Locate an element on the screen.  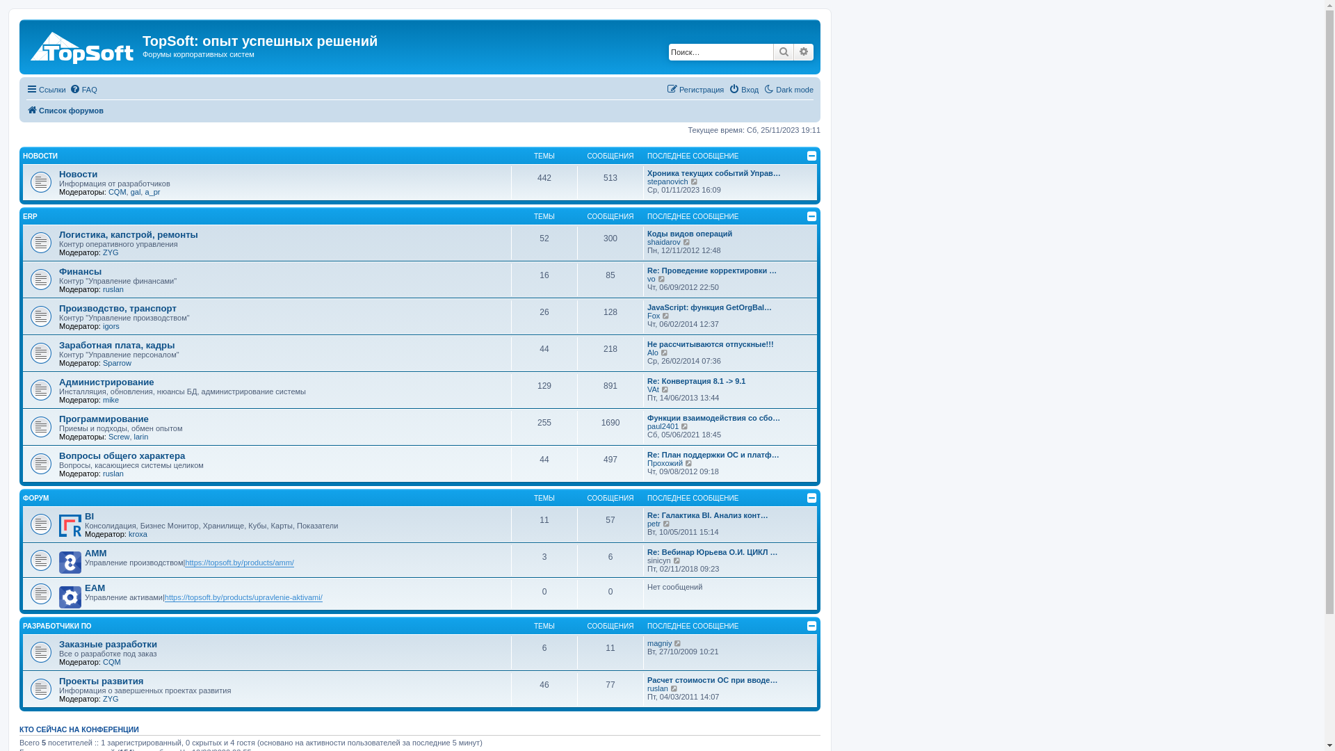
'AMM' is located at coordinates (95, 552).